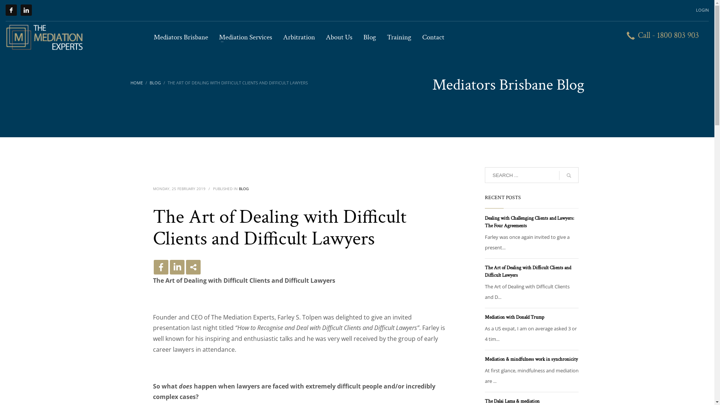  I want to click on 'Mediators Brisbane', so click(181, 37).